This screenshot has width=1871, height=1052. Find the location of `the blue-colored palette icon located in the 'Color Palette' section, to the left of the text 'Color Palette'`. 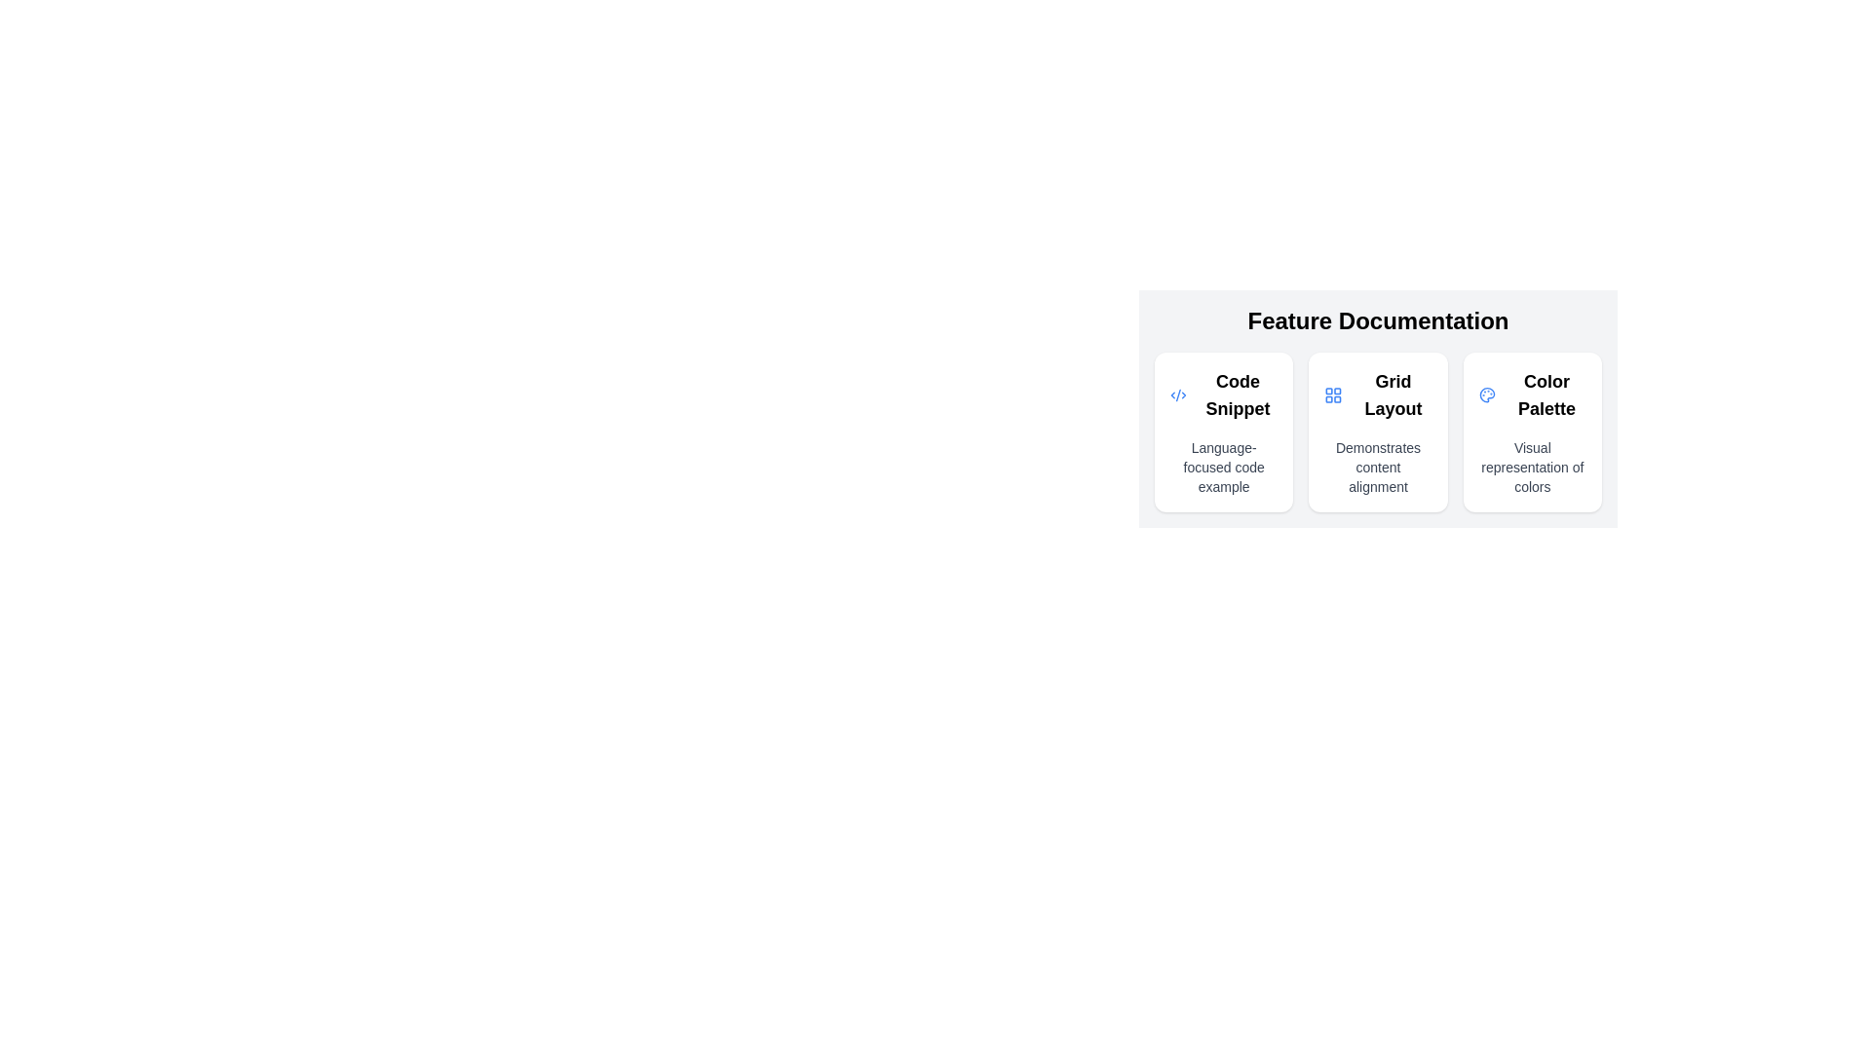

the blue-colored palette icon located in the 'Color Palette' section, to the left of the text 'Color Palette' is located at coordinates (1486, 394).